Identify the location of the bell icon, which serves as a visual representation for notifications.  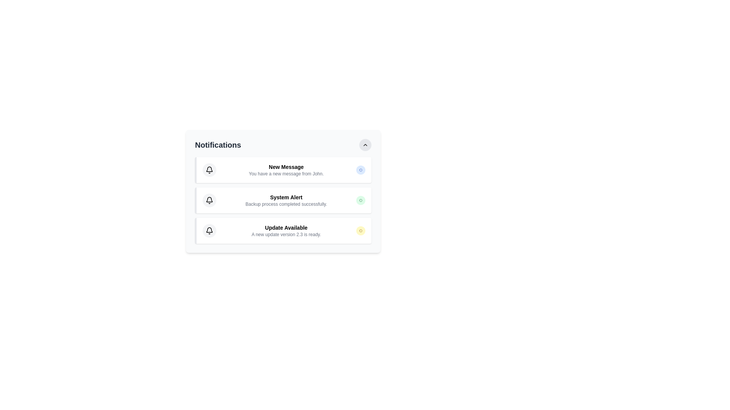
(209, 200).